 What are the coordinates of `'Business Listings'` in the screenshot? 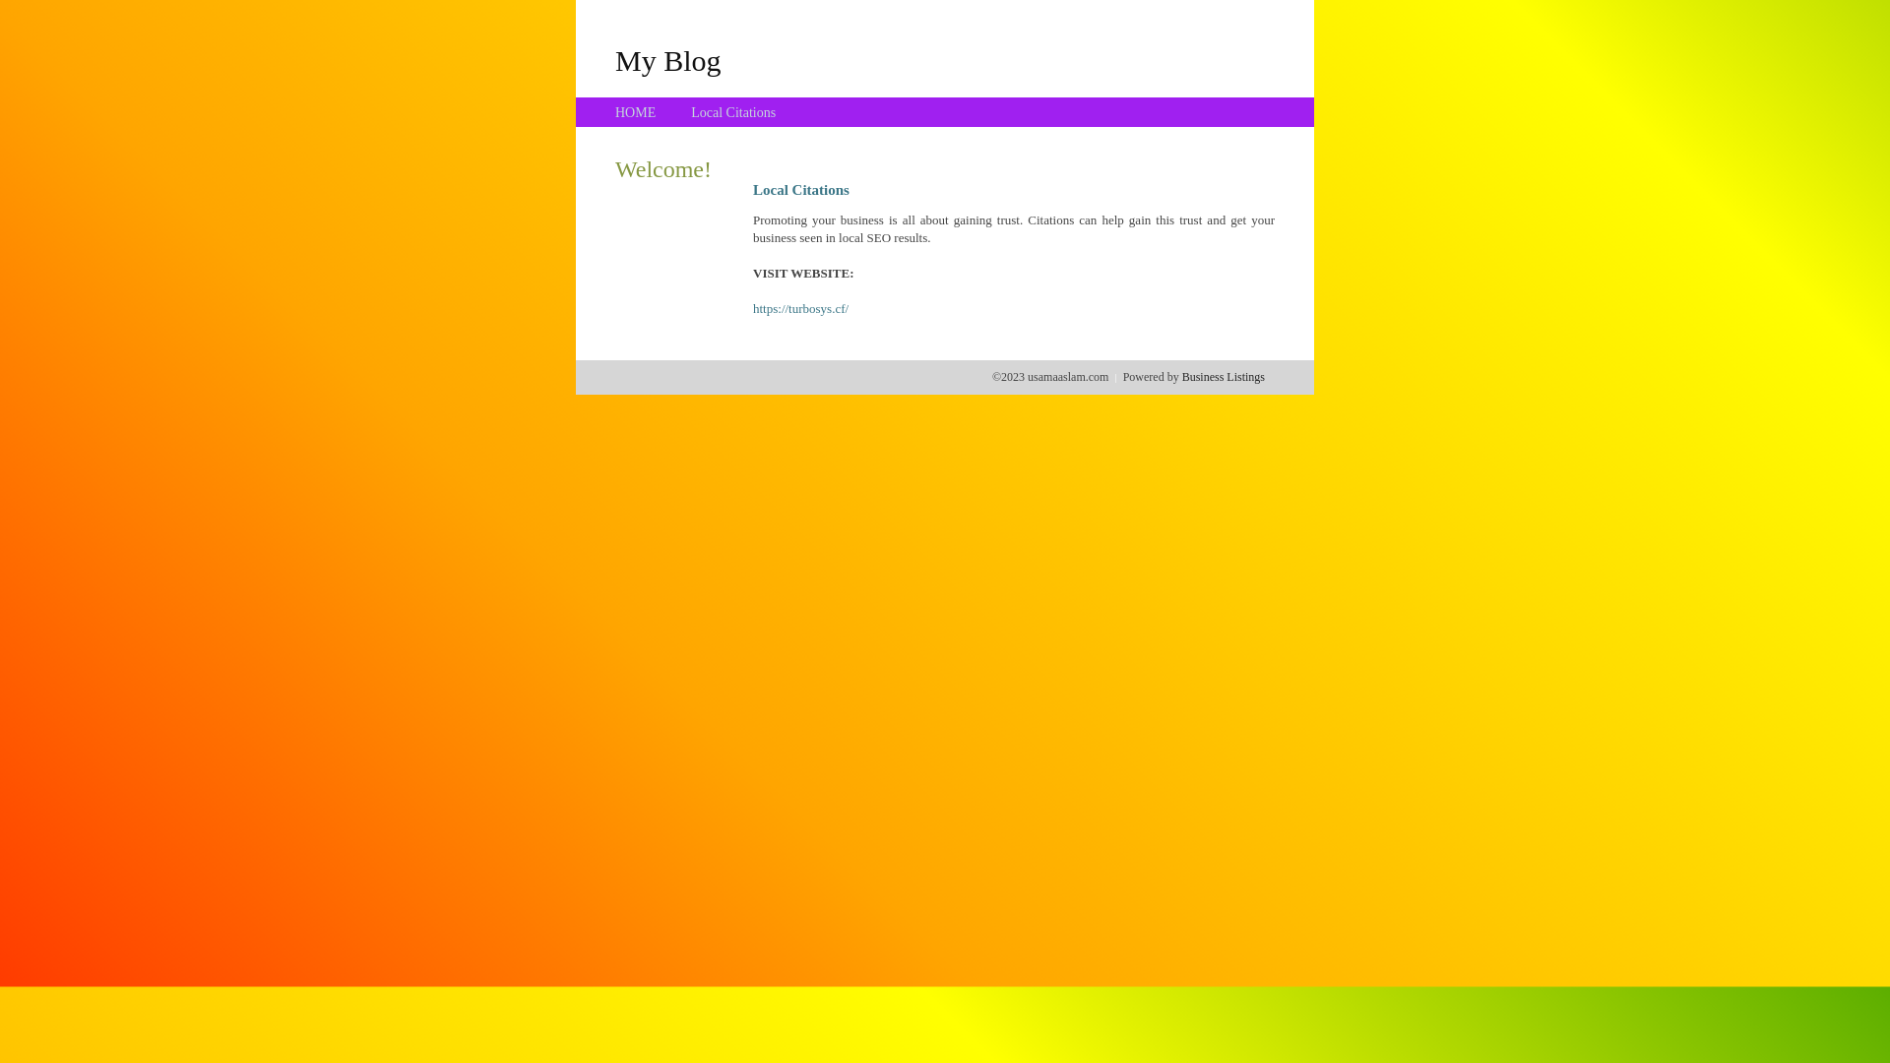 It's located at (1223, 376).